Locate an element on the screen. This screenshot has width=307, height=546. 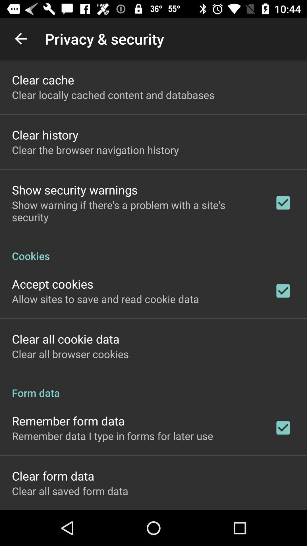
the show warning if is located at coordinates (136, 211).